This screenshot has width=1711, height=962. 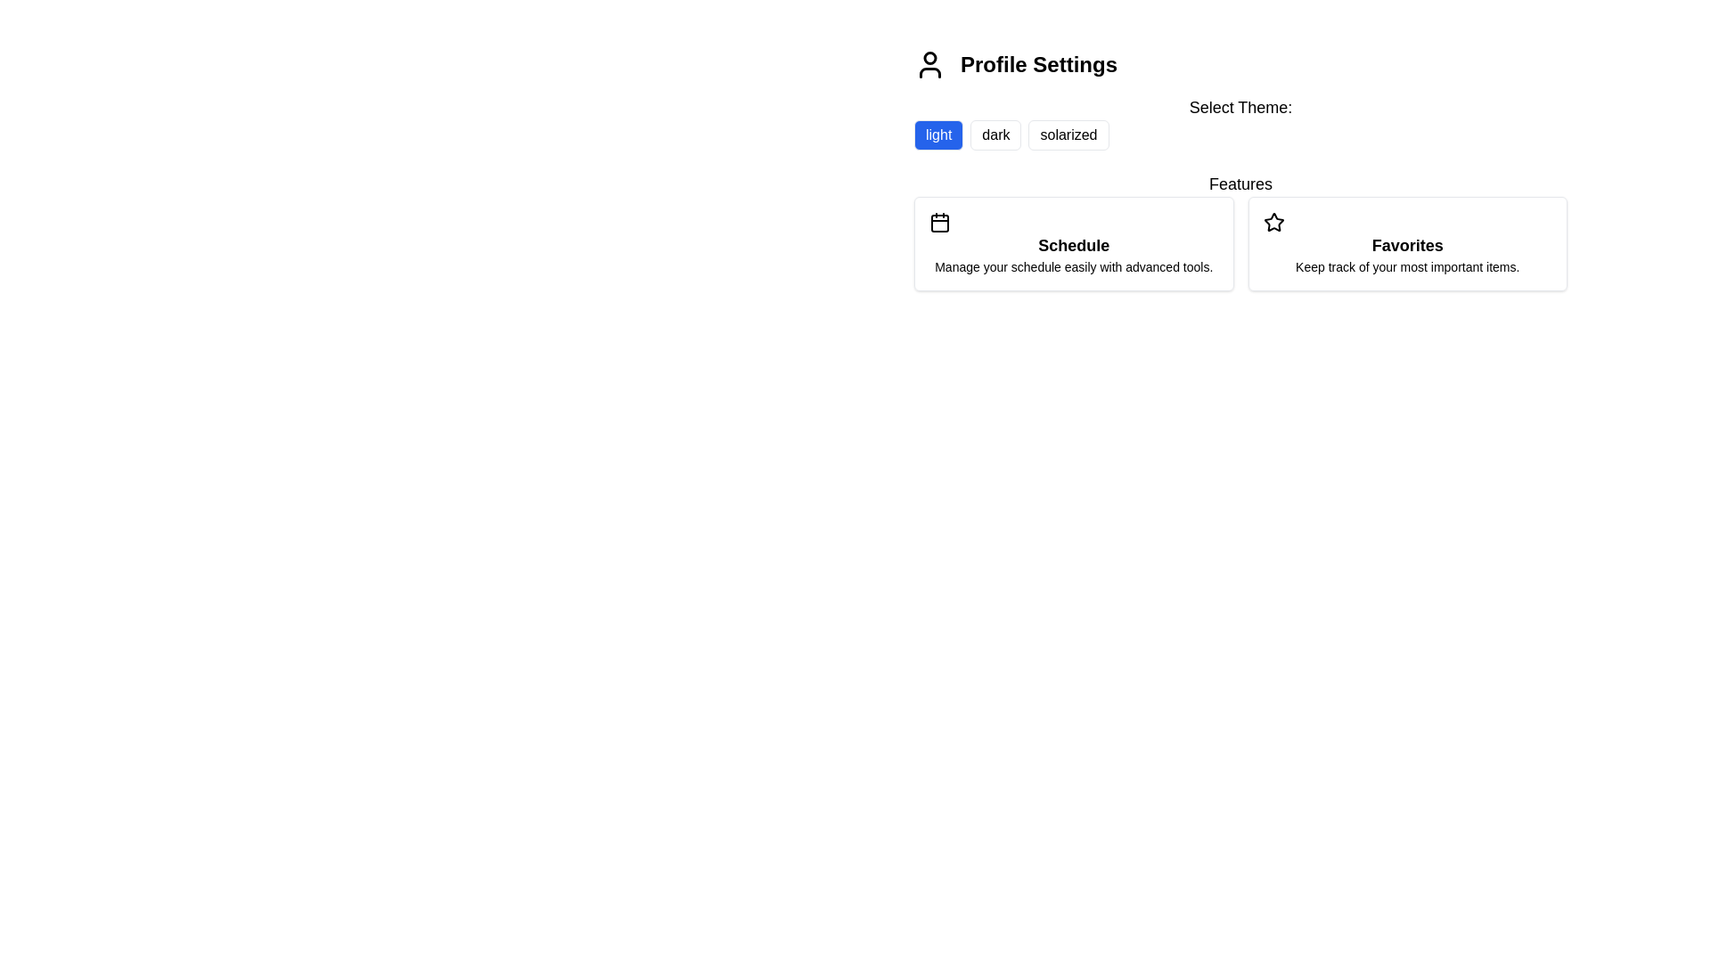 What do you see at coordinates (1240, 107) in the screenshot?
I see `the static label that provides instructions for theme selection, positioned at the top of the page and centered horizontally` at bounding box center [1240, 107].